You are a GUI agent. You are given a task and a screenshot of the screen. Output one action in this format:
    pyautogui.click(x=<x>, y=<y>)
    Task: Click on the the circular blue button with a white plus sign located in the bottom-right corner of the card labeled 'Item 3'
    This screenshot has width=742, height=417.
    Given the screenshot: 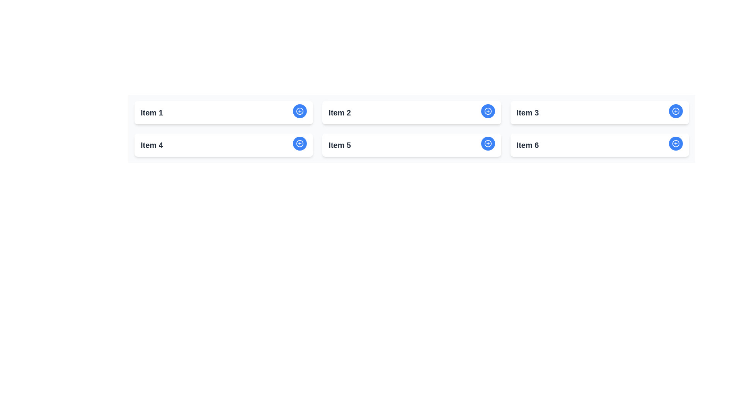 What is the action you would take?
    pyautogui.click(x=675, y=111)
    